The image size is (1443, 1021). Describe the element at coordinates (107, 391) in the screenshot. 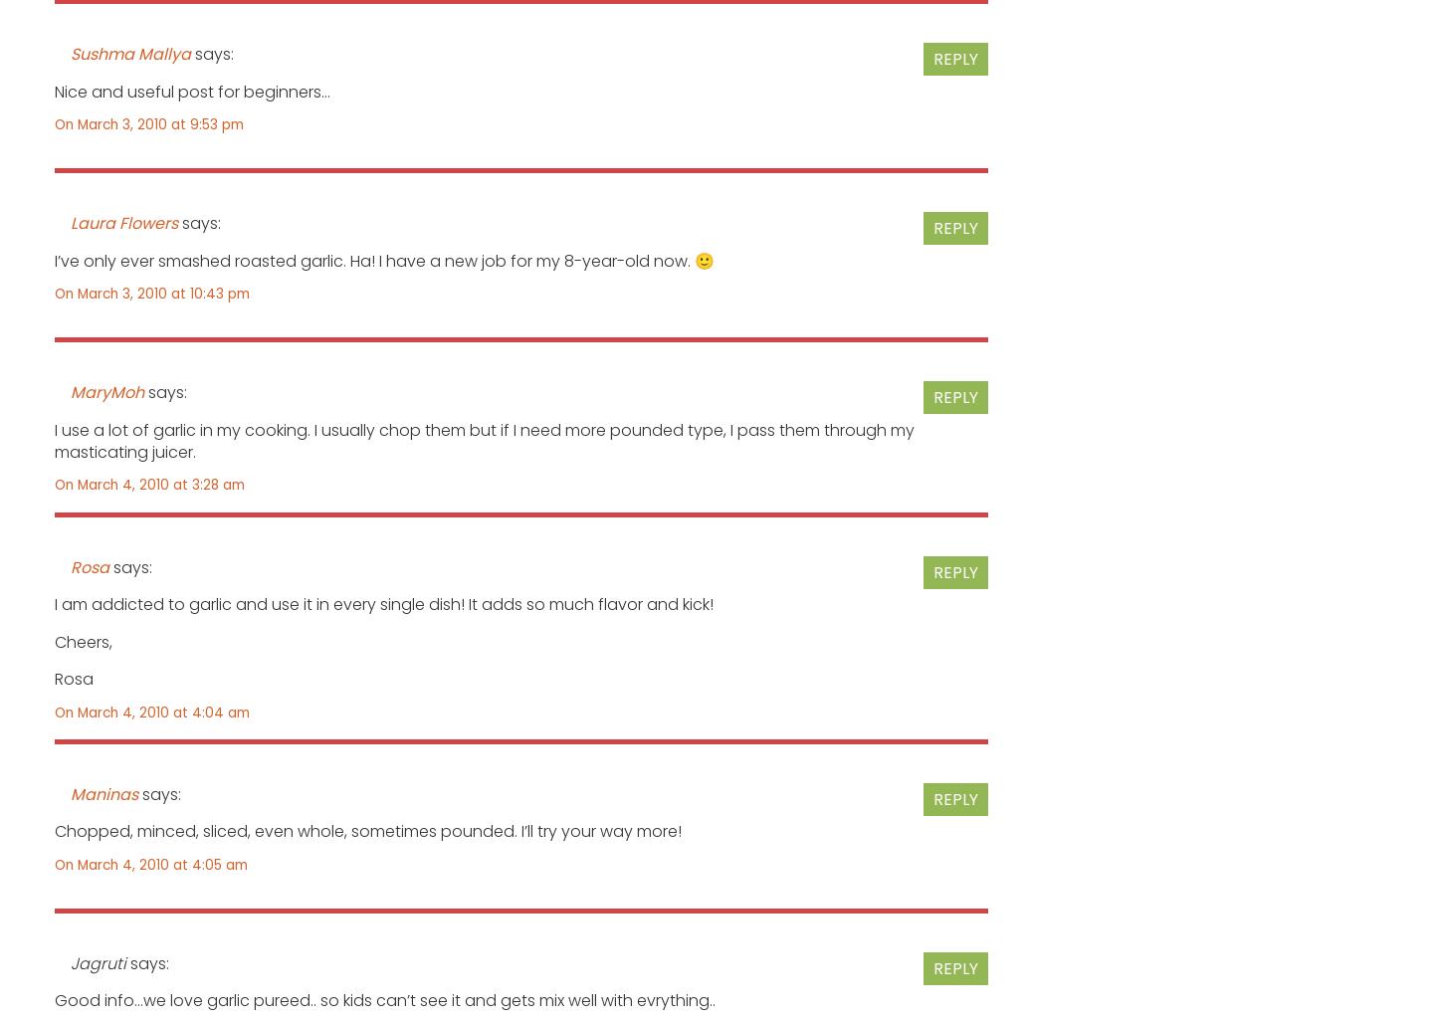

I see `'MaryMoh'` at that location.